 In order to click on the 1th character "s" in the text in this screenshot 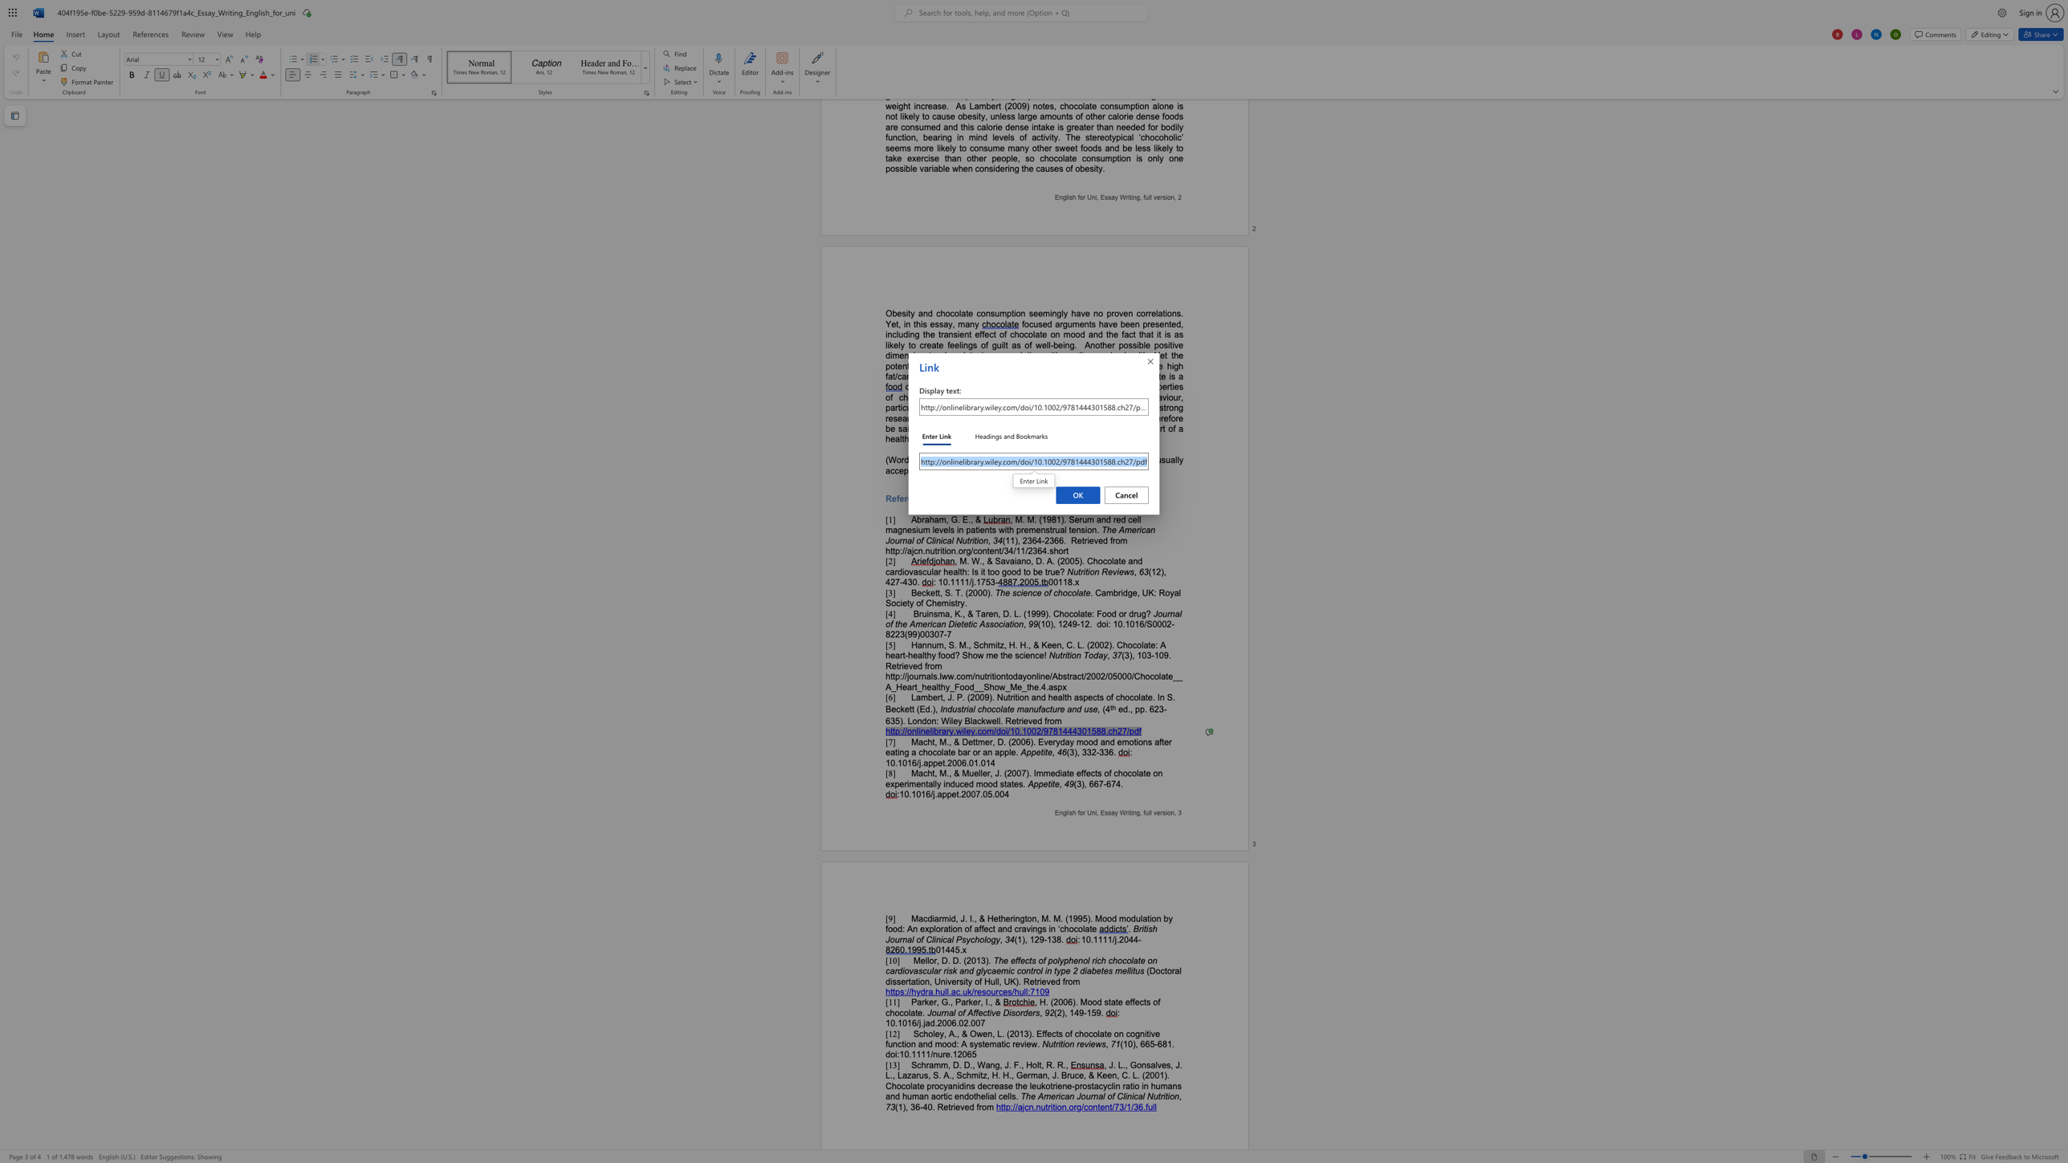, I will do `click(1102, 1044)`.